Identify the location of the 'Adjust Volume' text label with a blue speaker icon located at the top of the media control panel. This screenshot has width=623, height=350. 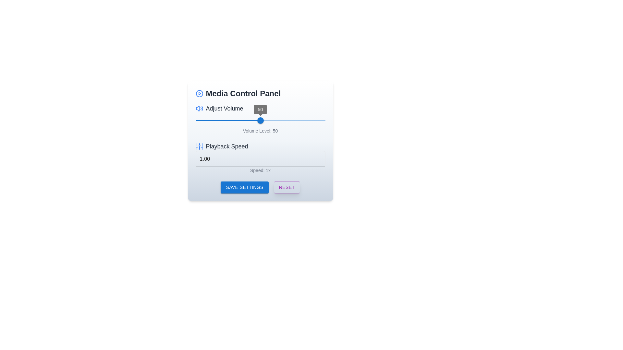
(260, 108).